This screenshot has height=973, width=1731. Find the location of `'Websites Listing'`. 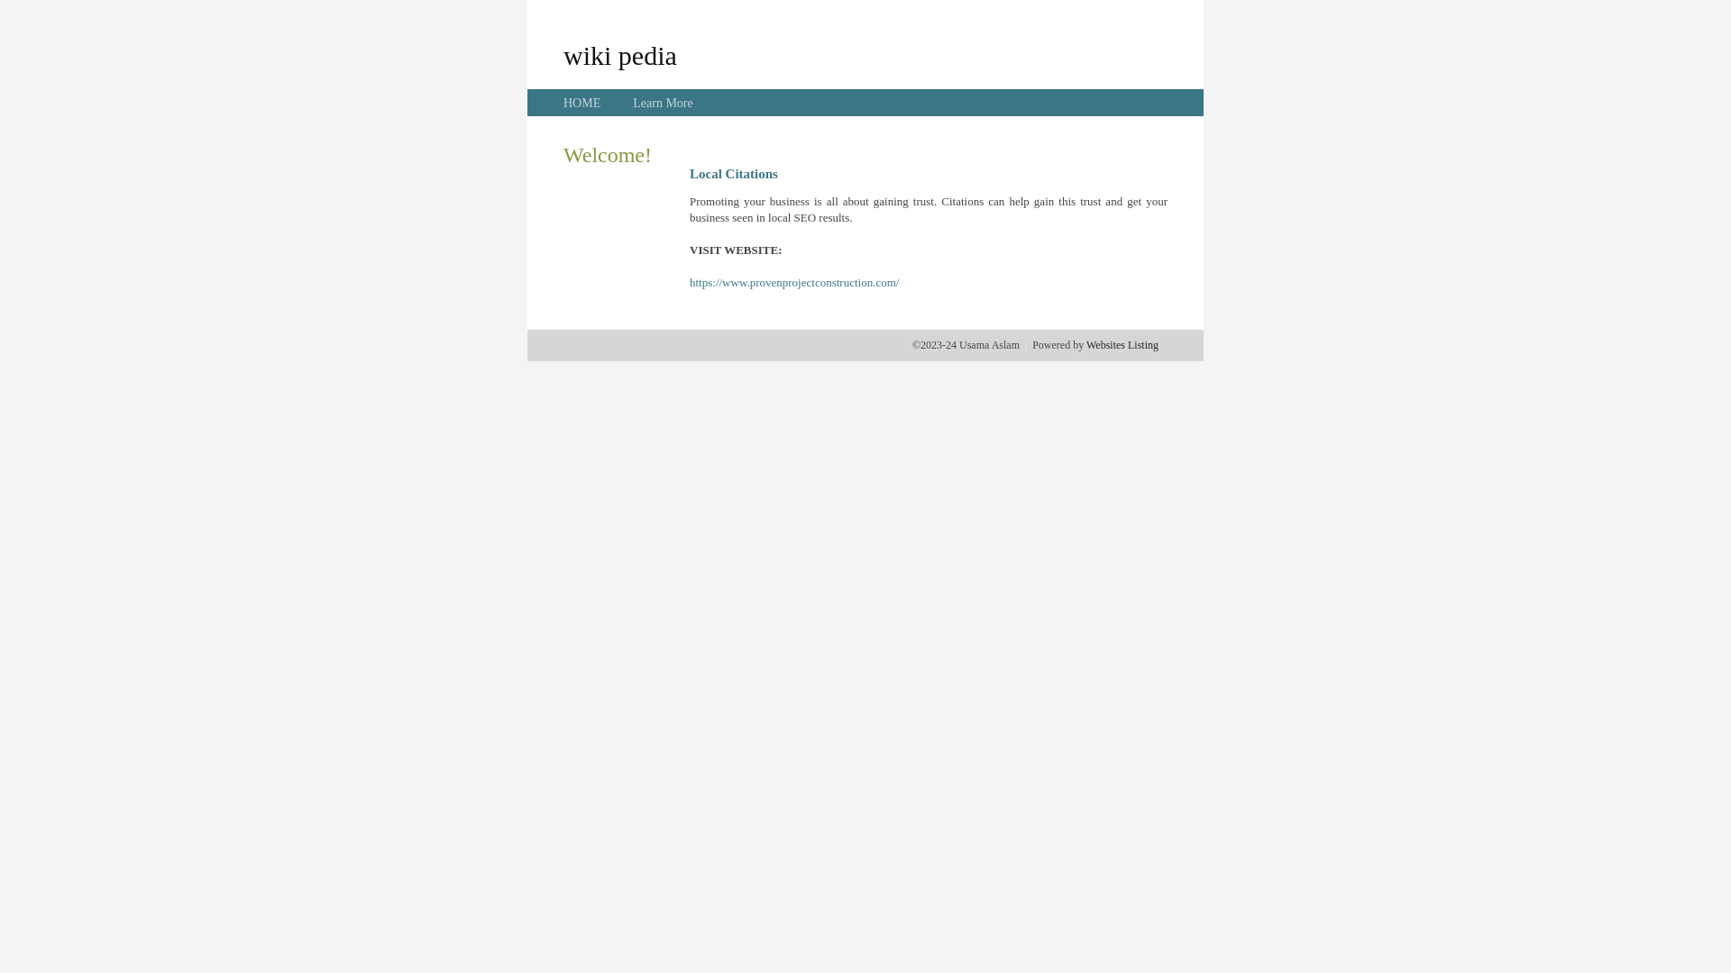

'Websites Listing' is located at coordinates (1121, 344).